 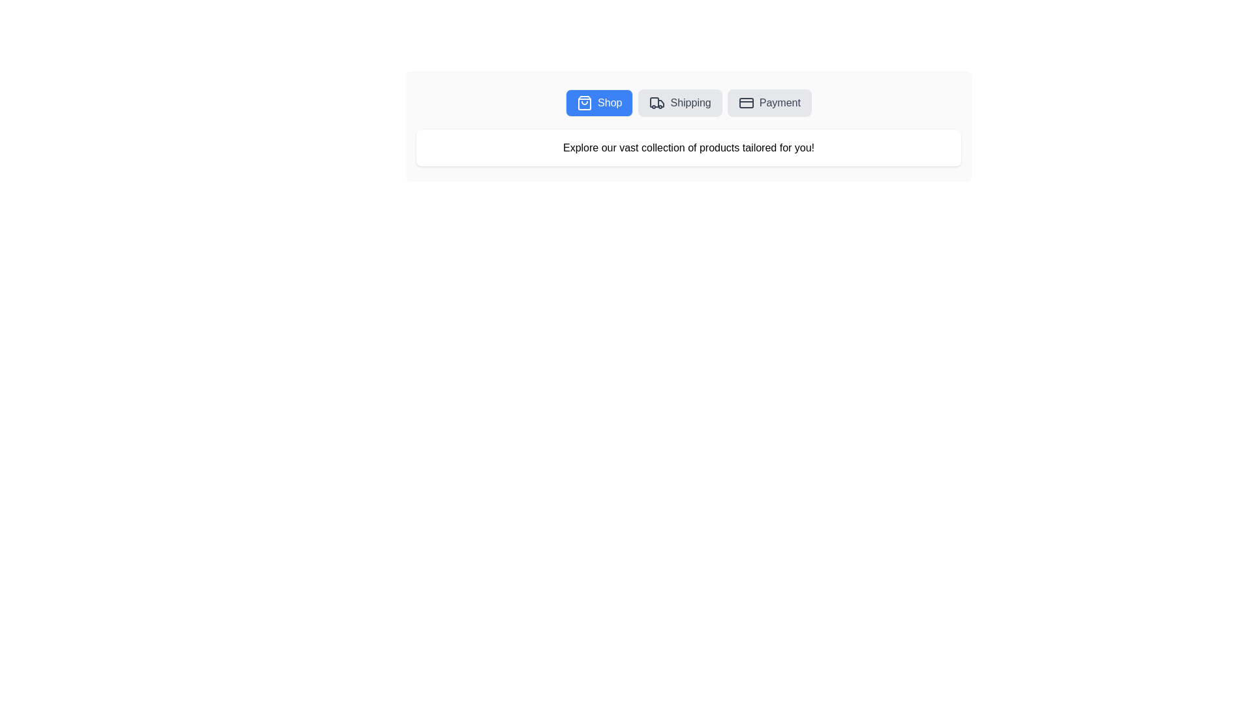 What do you see at coordinates (780, 102) in the screenshot?
I see `the larger button containing the text label 'Payment', which is part of the third button in the horizontal navigation bar` at bounding box center [780, 102].